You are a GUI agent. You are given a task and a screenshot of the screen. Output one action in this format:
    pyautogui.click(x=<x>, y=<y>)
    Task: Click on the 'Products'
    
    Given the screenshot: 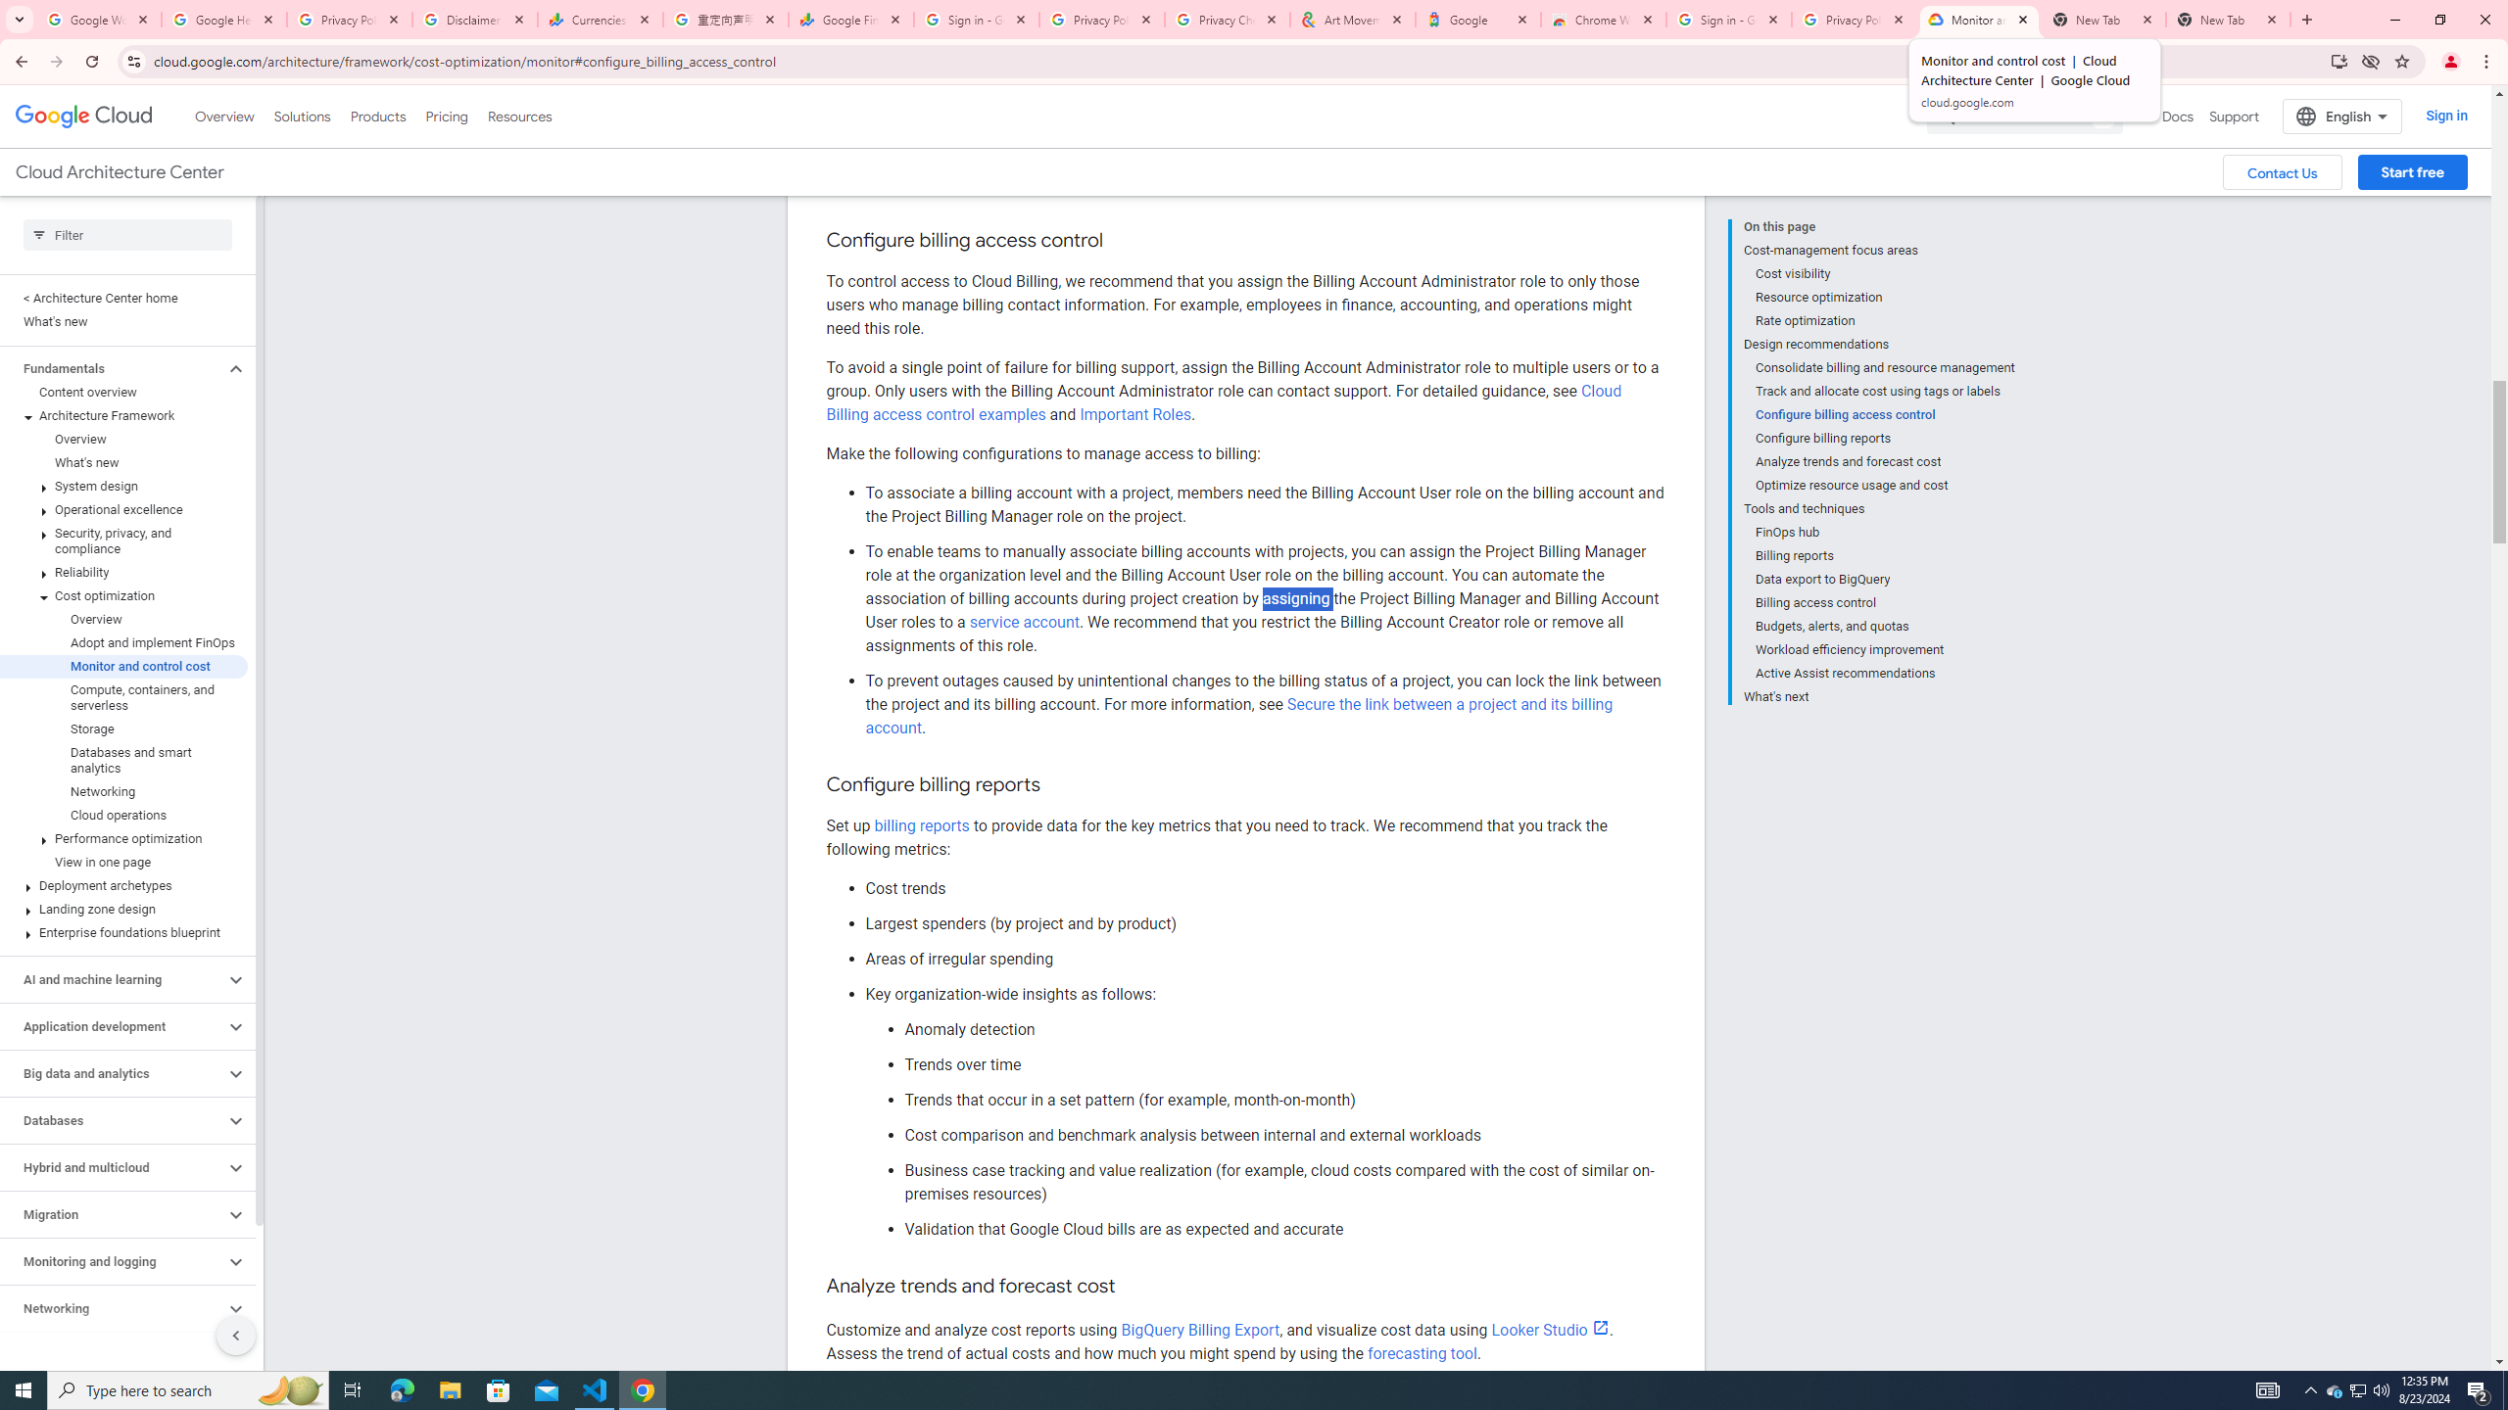 What is the action you would take?
    pyautogui.click(x=376, y=116)
    